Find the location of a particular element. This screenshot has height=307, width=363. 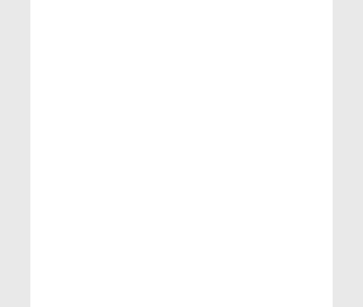

'Legal Document' is located at coordinates (276, 185).